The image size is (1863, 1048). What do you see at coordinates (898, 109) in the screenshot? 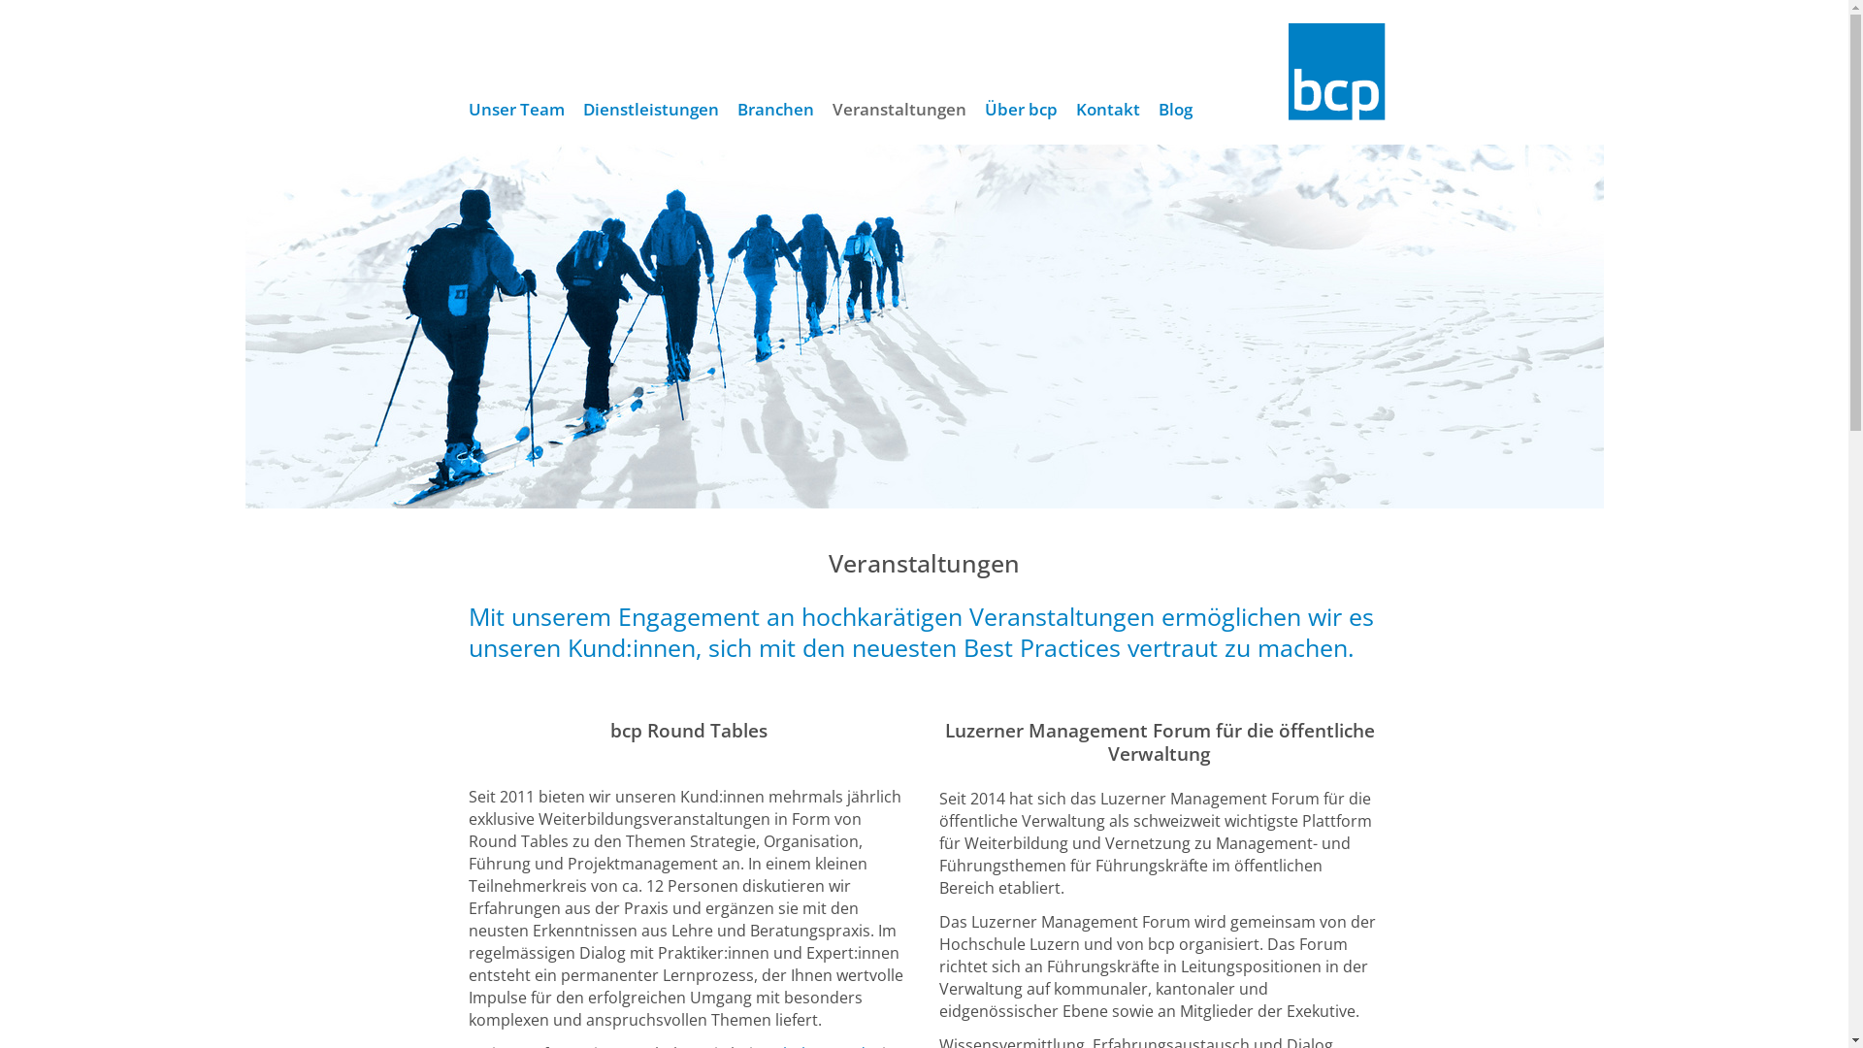
I see `'Veranstaltungen'` at bounding box center [898, 109].